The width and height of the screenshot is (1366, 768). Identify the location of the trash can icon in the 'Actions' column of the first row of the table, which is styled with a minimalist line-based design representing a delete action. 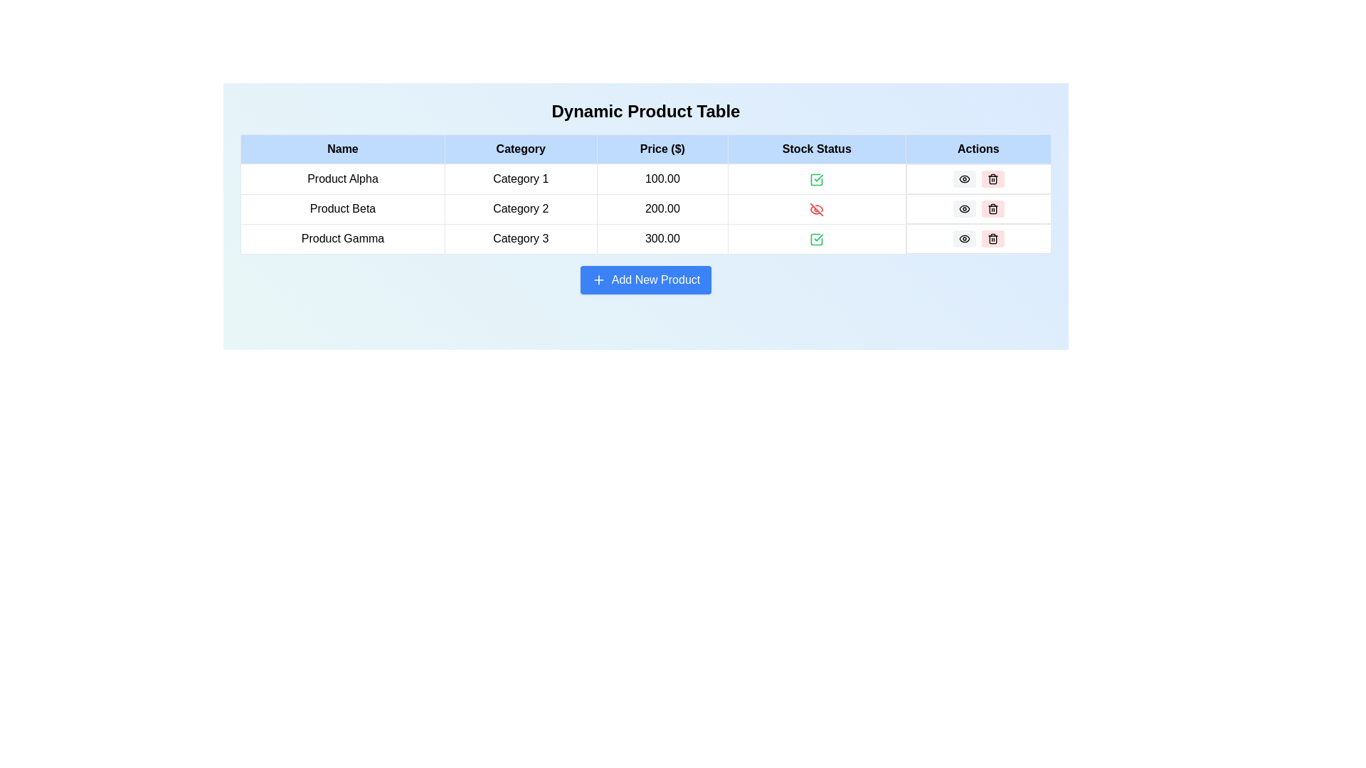
(992, 178).